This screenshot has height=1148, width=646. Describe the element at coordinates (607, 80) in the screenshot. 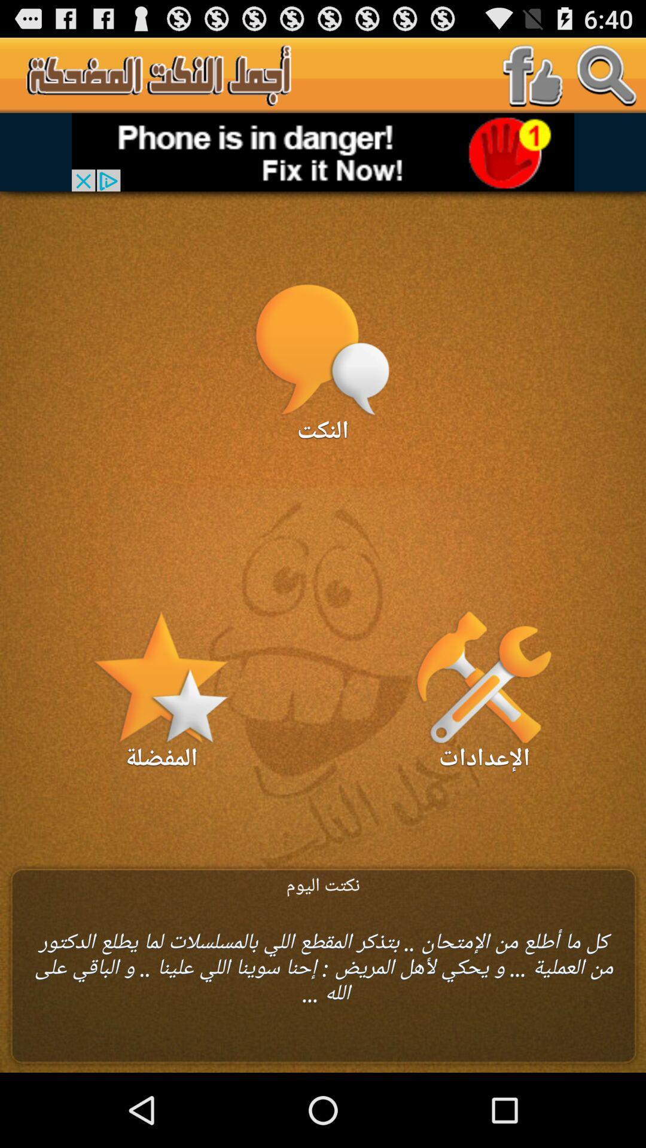

I see `the search icon` at that location.